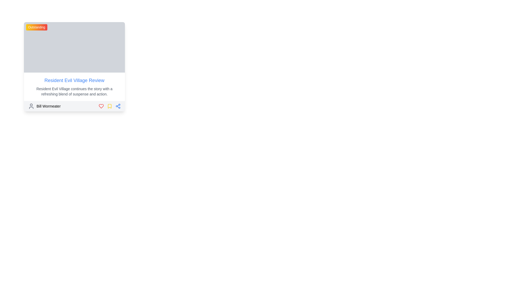 The width and height of the screenshot is (505, 284). Describe the element at coordinates (101, 106) in the screenshot. I see `the like icon located to the right of the user avatar icon in the bottom section of the review card to express a positive acknowledgment` at that location.